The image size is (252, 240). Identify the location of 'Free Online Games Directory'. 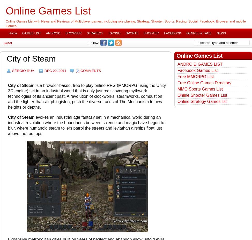
(204, 82).